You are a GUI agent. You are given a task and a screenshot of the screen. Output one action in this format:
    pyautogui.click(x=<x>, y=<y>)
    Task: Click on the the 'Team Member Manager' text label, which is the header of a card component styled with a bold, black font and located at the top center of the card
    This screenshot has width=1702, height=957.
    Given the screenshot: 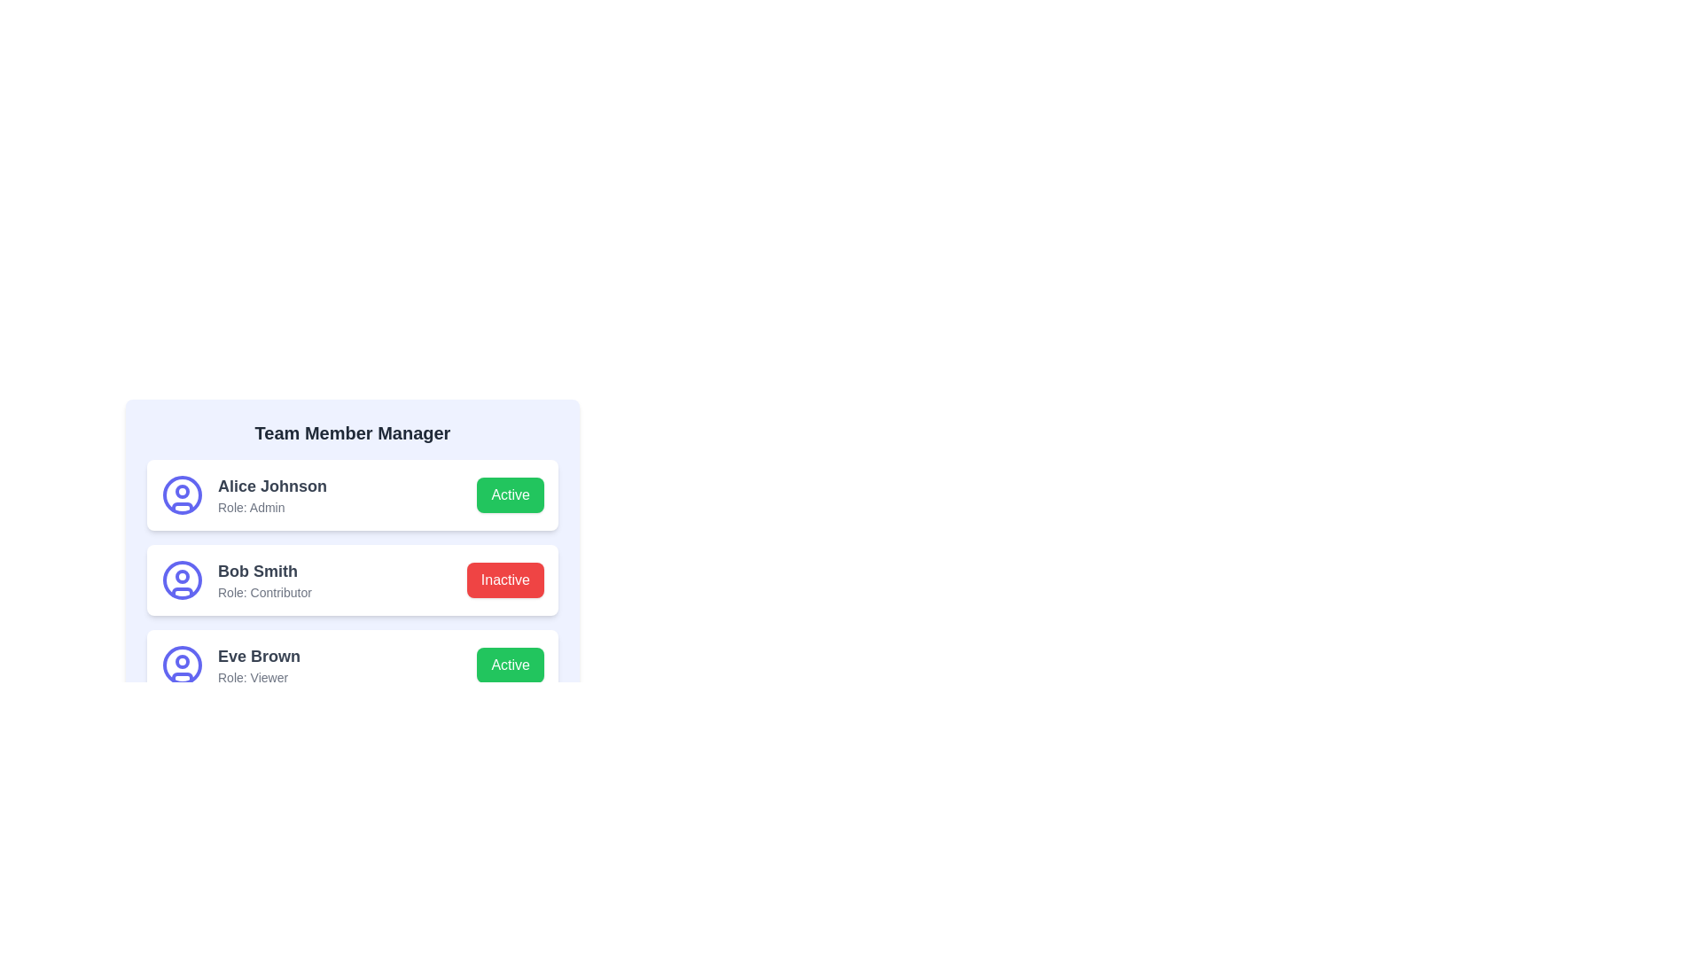 What is the action you would take?
    pyautogui.click(x=353, y=433)
    